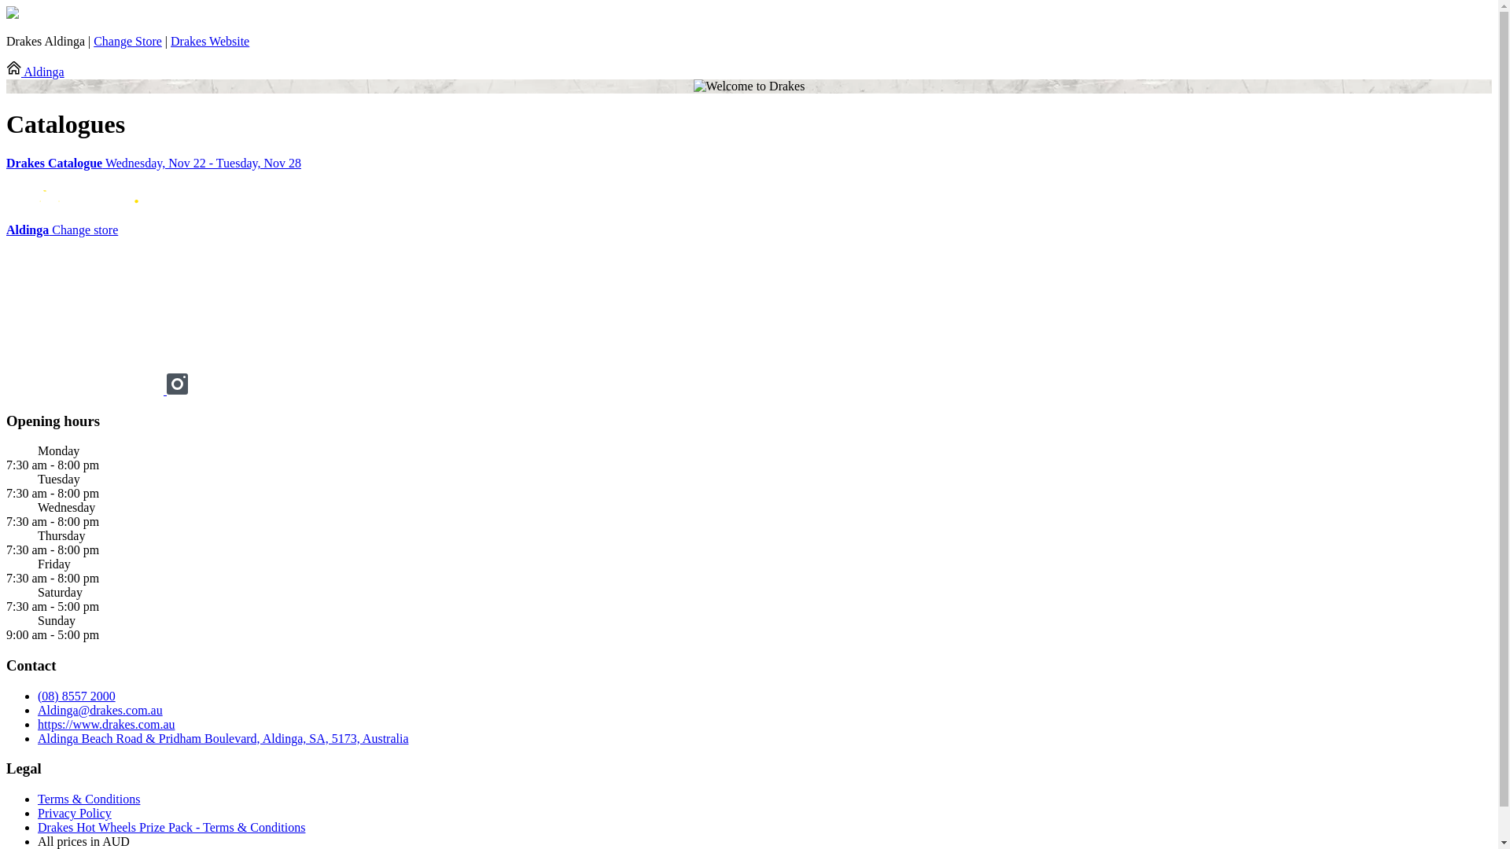  What do you see at coordinates (209, 40) in the screenshot?
I see `'Drakes Website'` at bounding box center [209, 40].